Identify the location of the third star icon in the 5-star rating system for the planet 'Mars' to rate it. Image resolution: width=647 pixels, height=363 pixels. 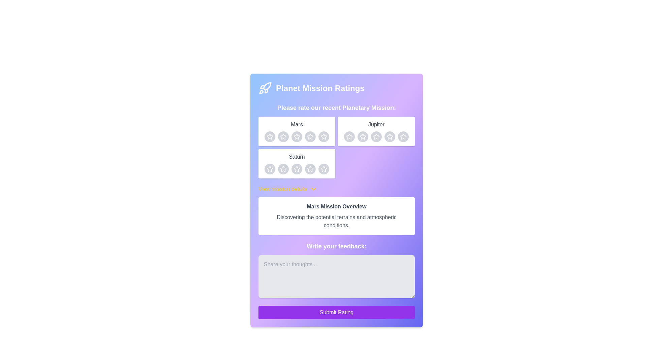
(310, 136).